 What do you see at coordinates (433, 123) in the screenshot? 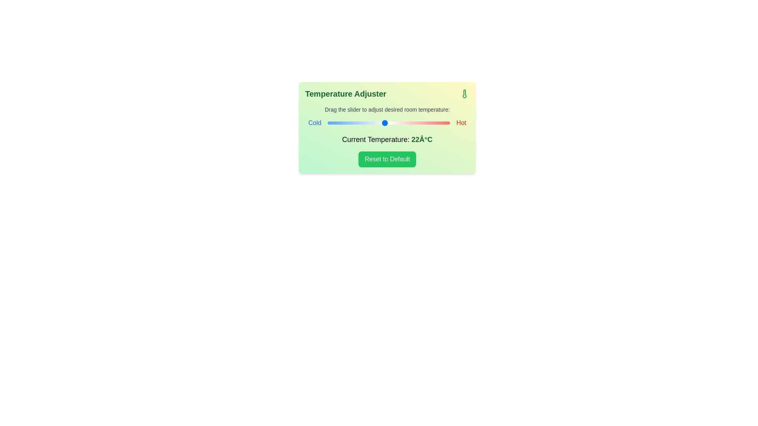
I see `the temperature slider to set the temperature to 28°C` at bounding box center [433, 123].